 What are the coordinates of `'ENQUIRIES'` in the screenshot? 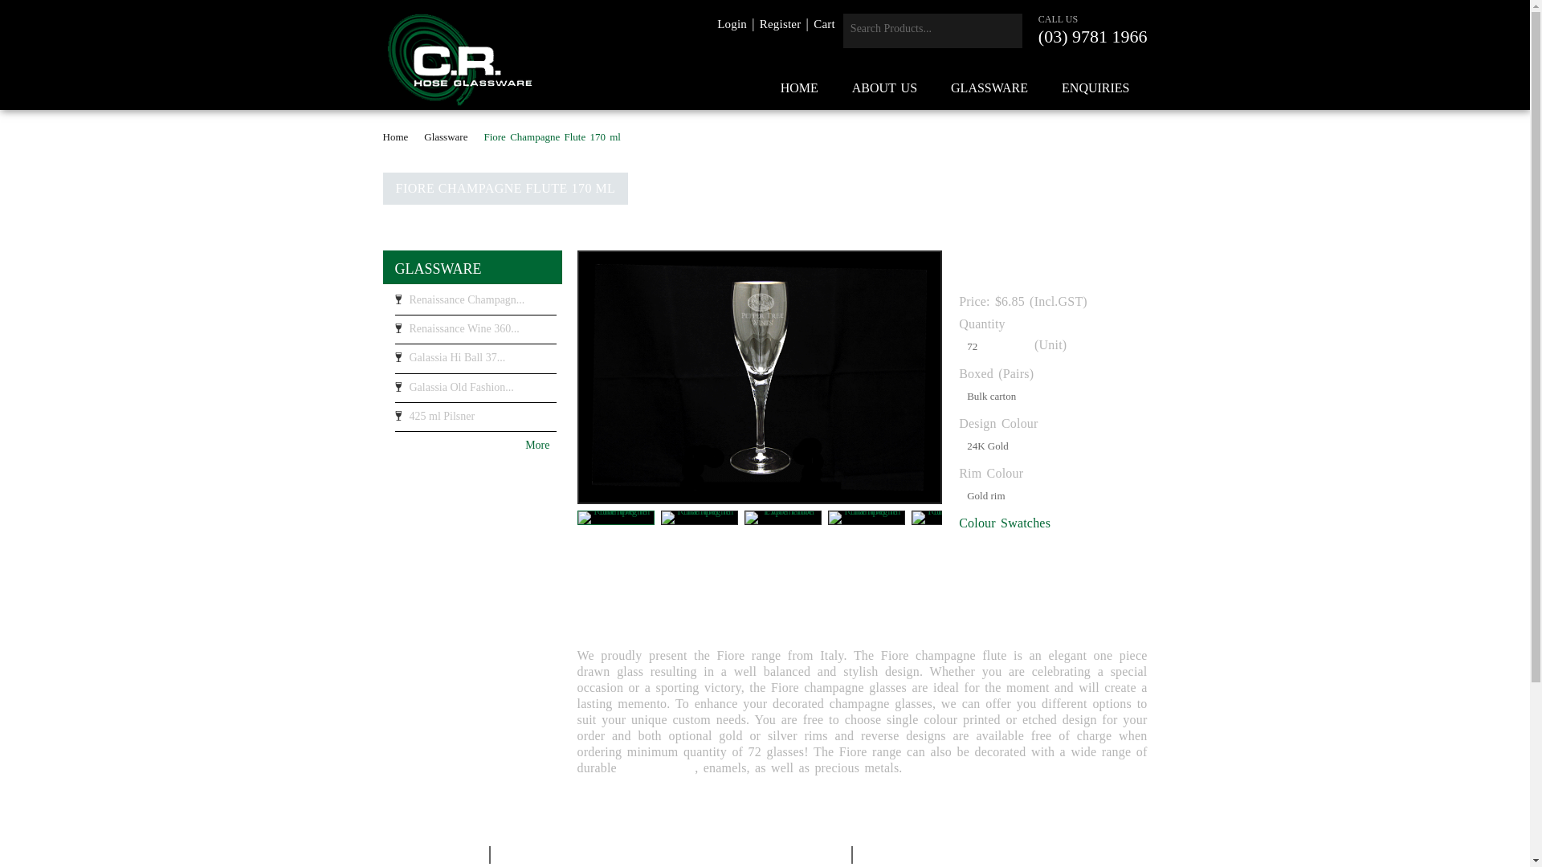 It's located at (1045, 88).